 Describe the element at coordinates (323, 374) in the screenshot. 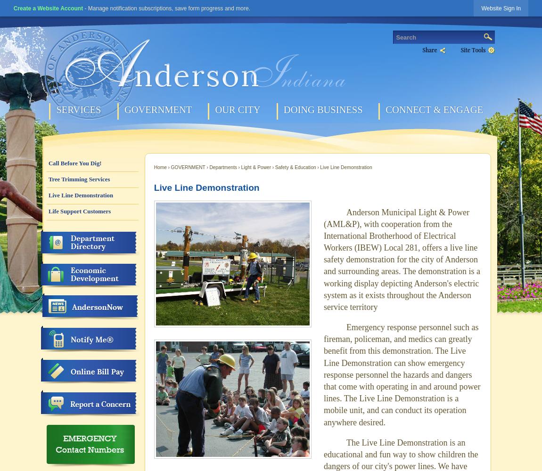

I see `'Emergency response personnel such as fireman, policeman, and medics can greatly benefit from this demonstration. The Live Line Demonstration can show emergency response personnel the hazards and dangers that come with operating in and around power lines. The Live Line Demonstration is a mobile unit, and can conduct its operation anywhere desired.'` at that location.